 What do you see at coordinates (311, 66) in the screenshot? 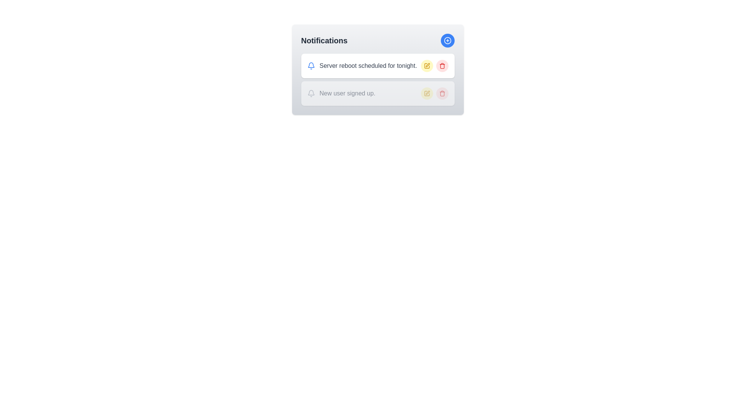
I see `the small blue bell-shaped icon that precedes the notification text 'Server reboot scheduled for tonight.'` at bounding box center [311, 66].